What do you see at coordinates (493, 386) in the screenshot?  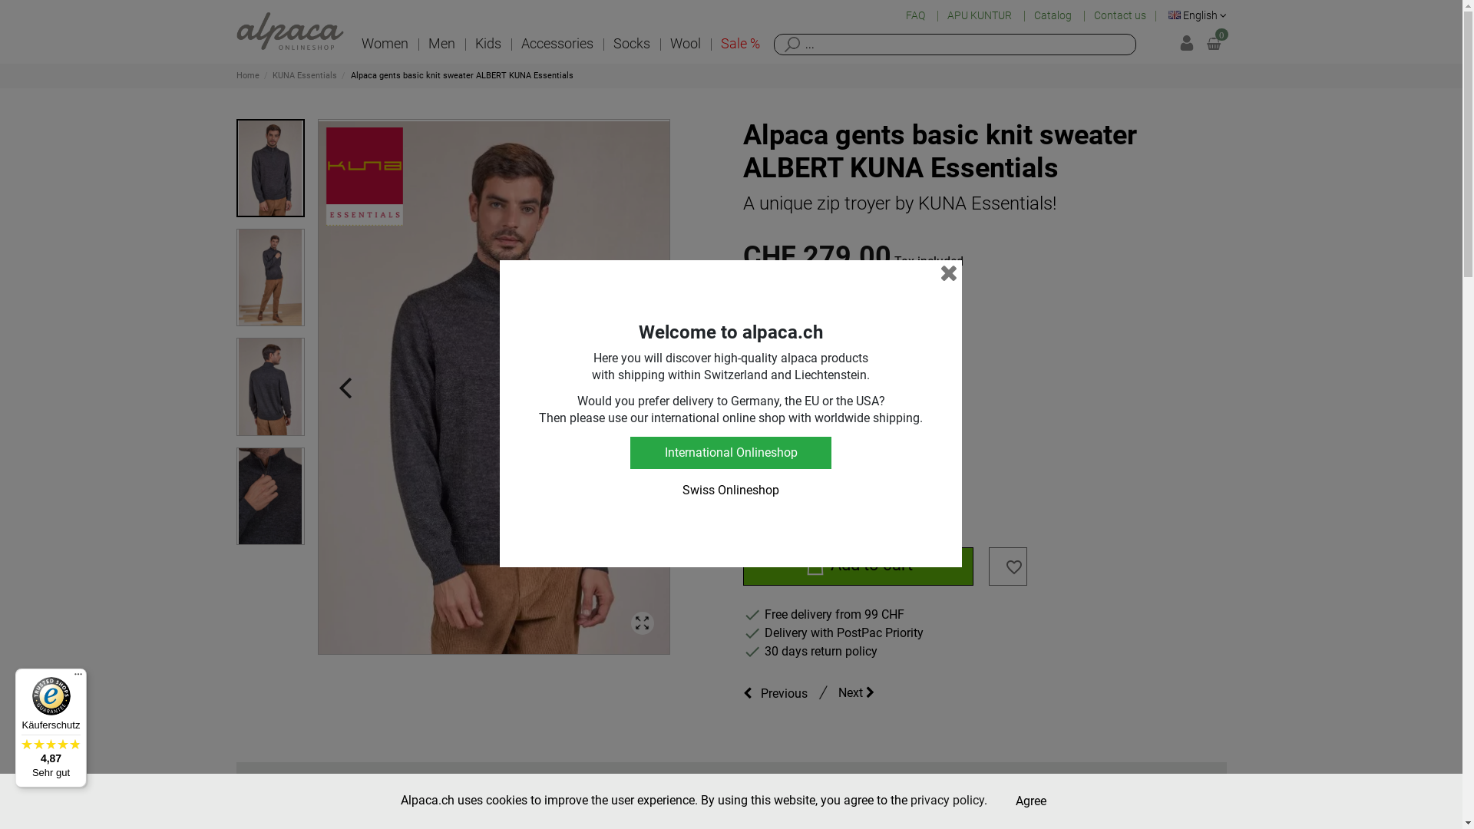 I see `'Alpaka Herren Strick Pullover ALBERT KUNA Essentials'` at bounding box center [493, 386].